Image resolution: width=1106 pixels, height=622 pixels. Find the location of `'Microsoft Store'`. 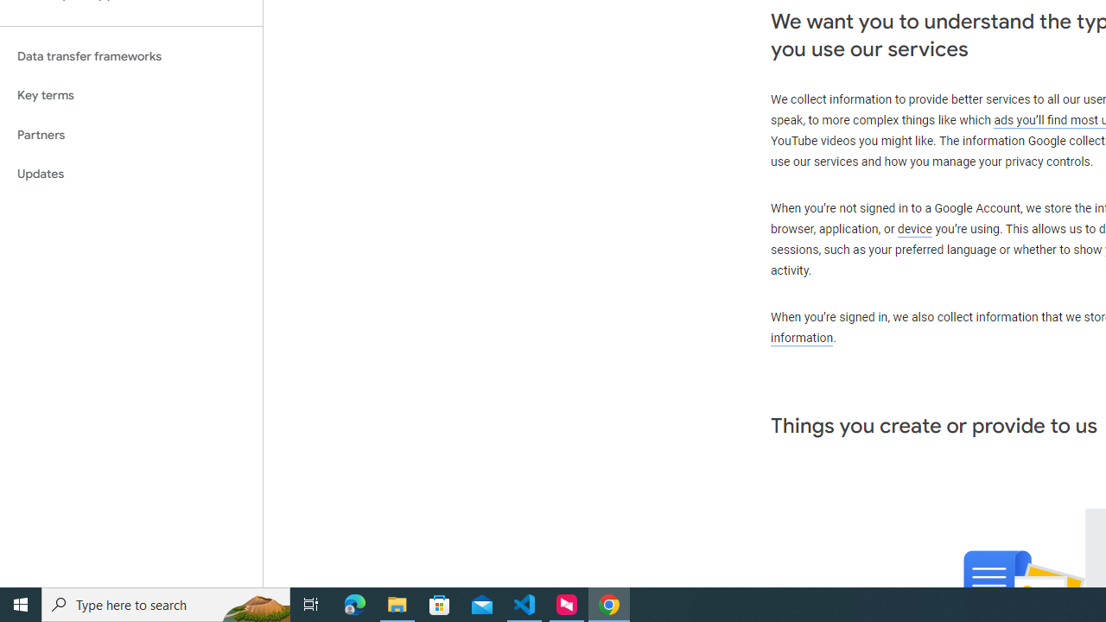

'Microsoft Store' is located at coordinates (440, 603).